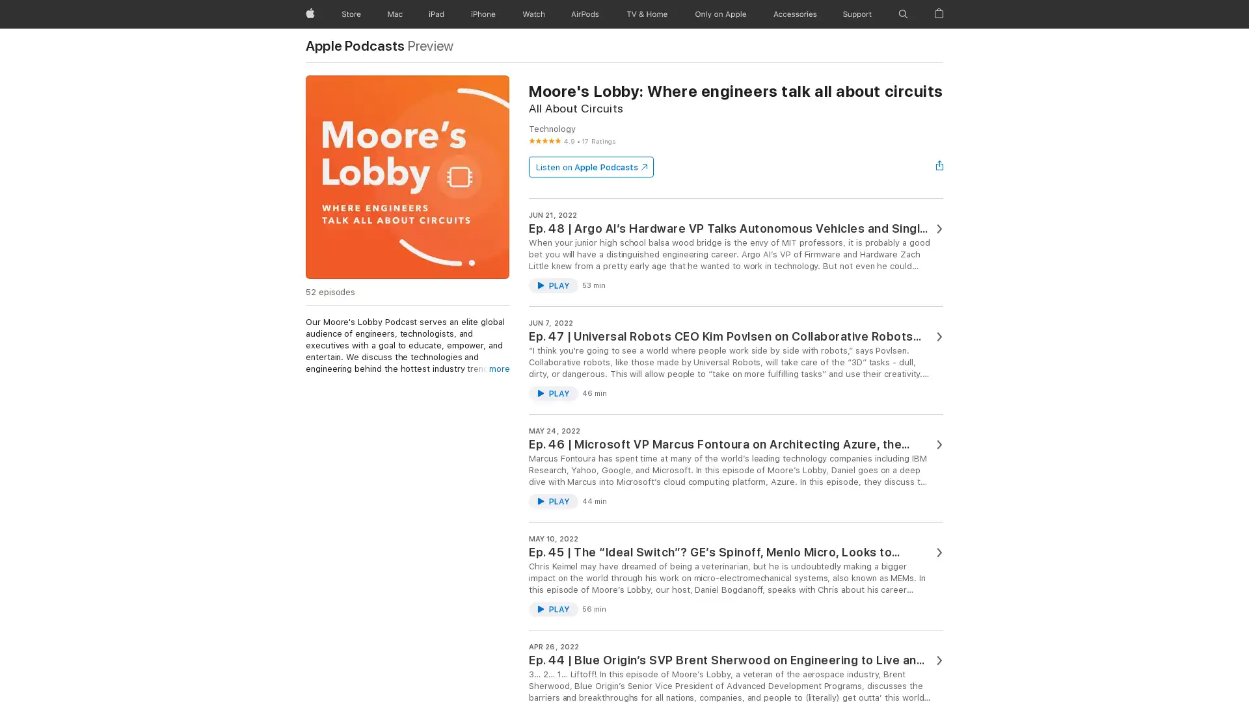 Image resolution: width=1249 pixels, height=702 pixels. I want to click on Play Ep. 47 | Universal Robots CEO Kim Povlsen on Collaborative Robots for the 98% by @@podcastArtist@@, so click(553, 393).